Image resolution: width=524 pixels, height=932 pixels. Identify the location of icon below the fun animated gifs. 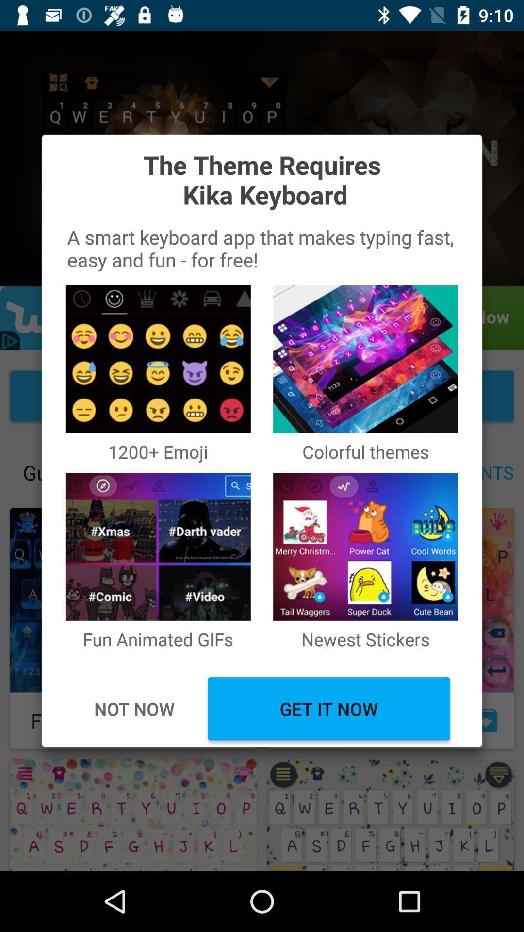
(134, 709).